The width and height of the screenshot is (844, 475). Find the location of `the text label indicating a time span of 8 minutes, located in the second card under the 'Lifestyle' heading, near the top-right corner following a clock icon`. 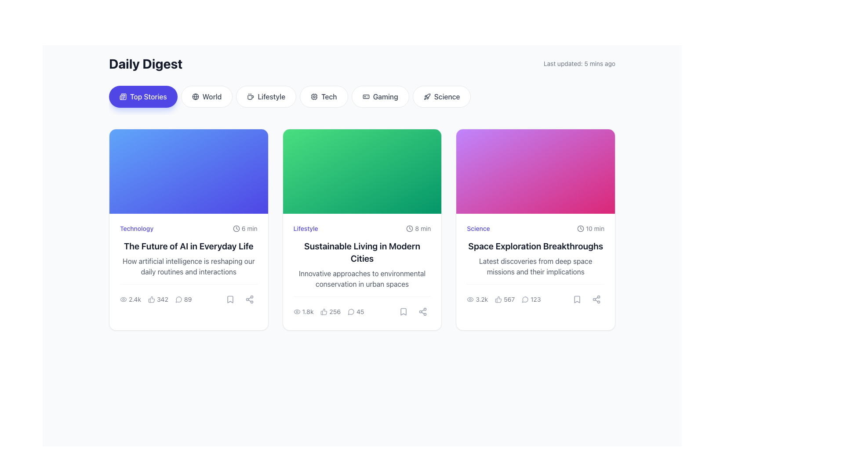

the text label indicating a time span of 8 minutes, located in the second card under the 'Lifestyle' heading, near the top-right corner following a clock icon is located at coordinates (423, 228).